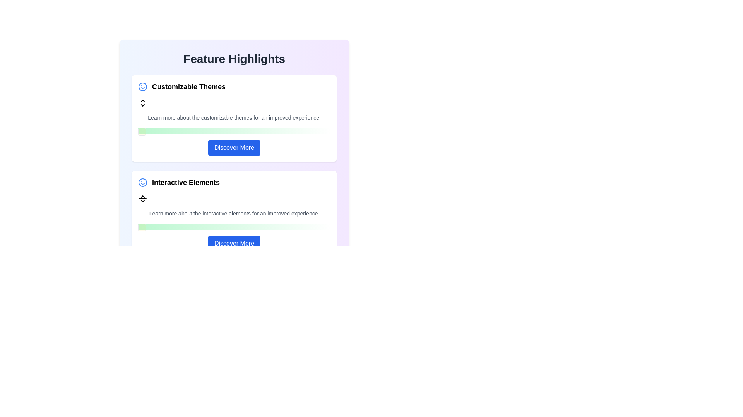  What do you see at coordinates (143, 198) in the screenshot?
I see `the Decorative Icon located within the 'Interactive Elements' card, positioned directly below the title and icon, and above the descriptive text` at bounding box center [143, 198].